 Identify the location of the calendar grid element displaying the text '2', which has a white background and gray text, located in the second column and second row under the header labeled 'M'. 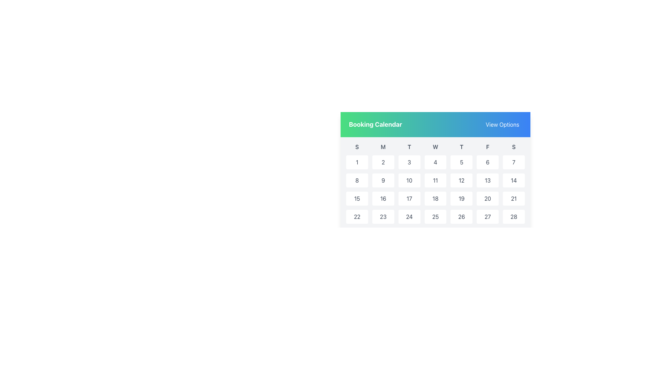
(383, 162).